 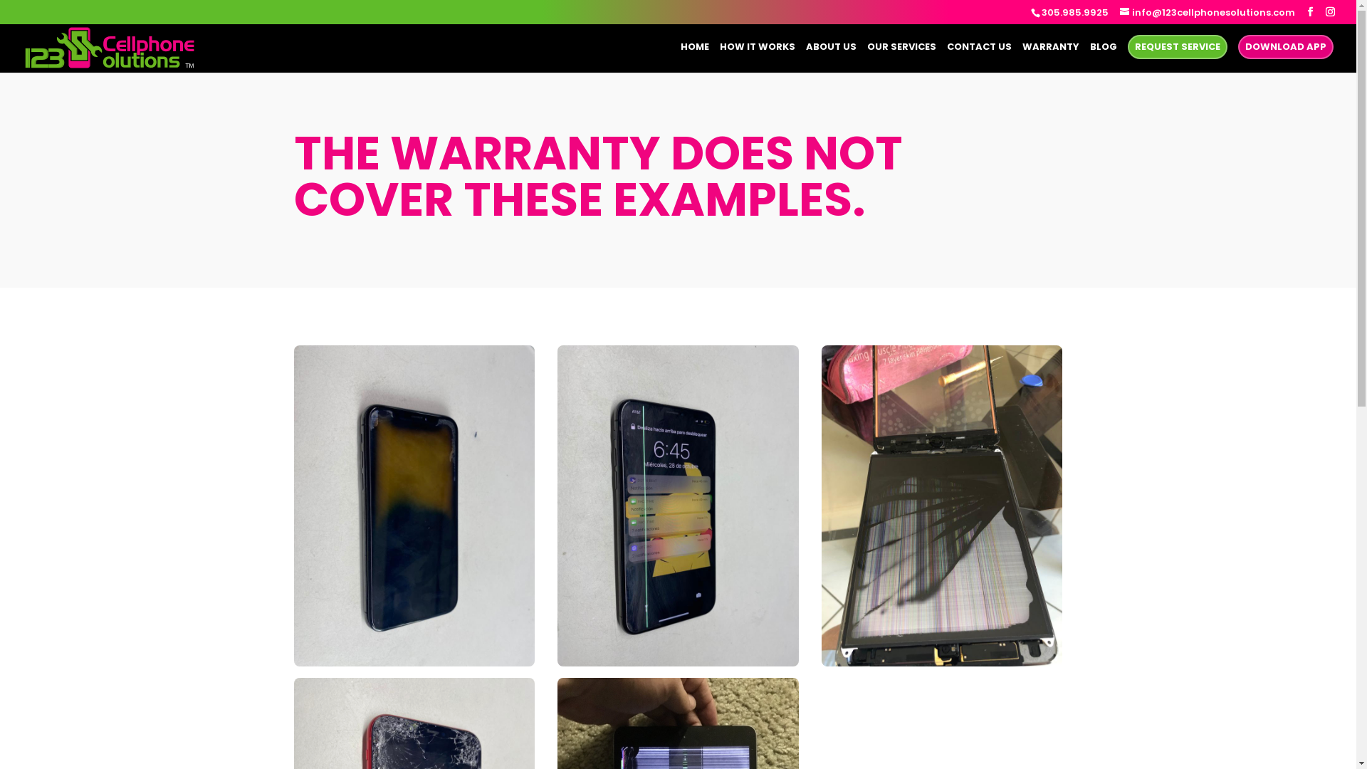 I want to click on 'ABOUT US', so click(x=831, y=56).